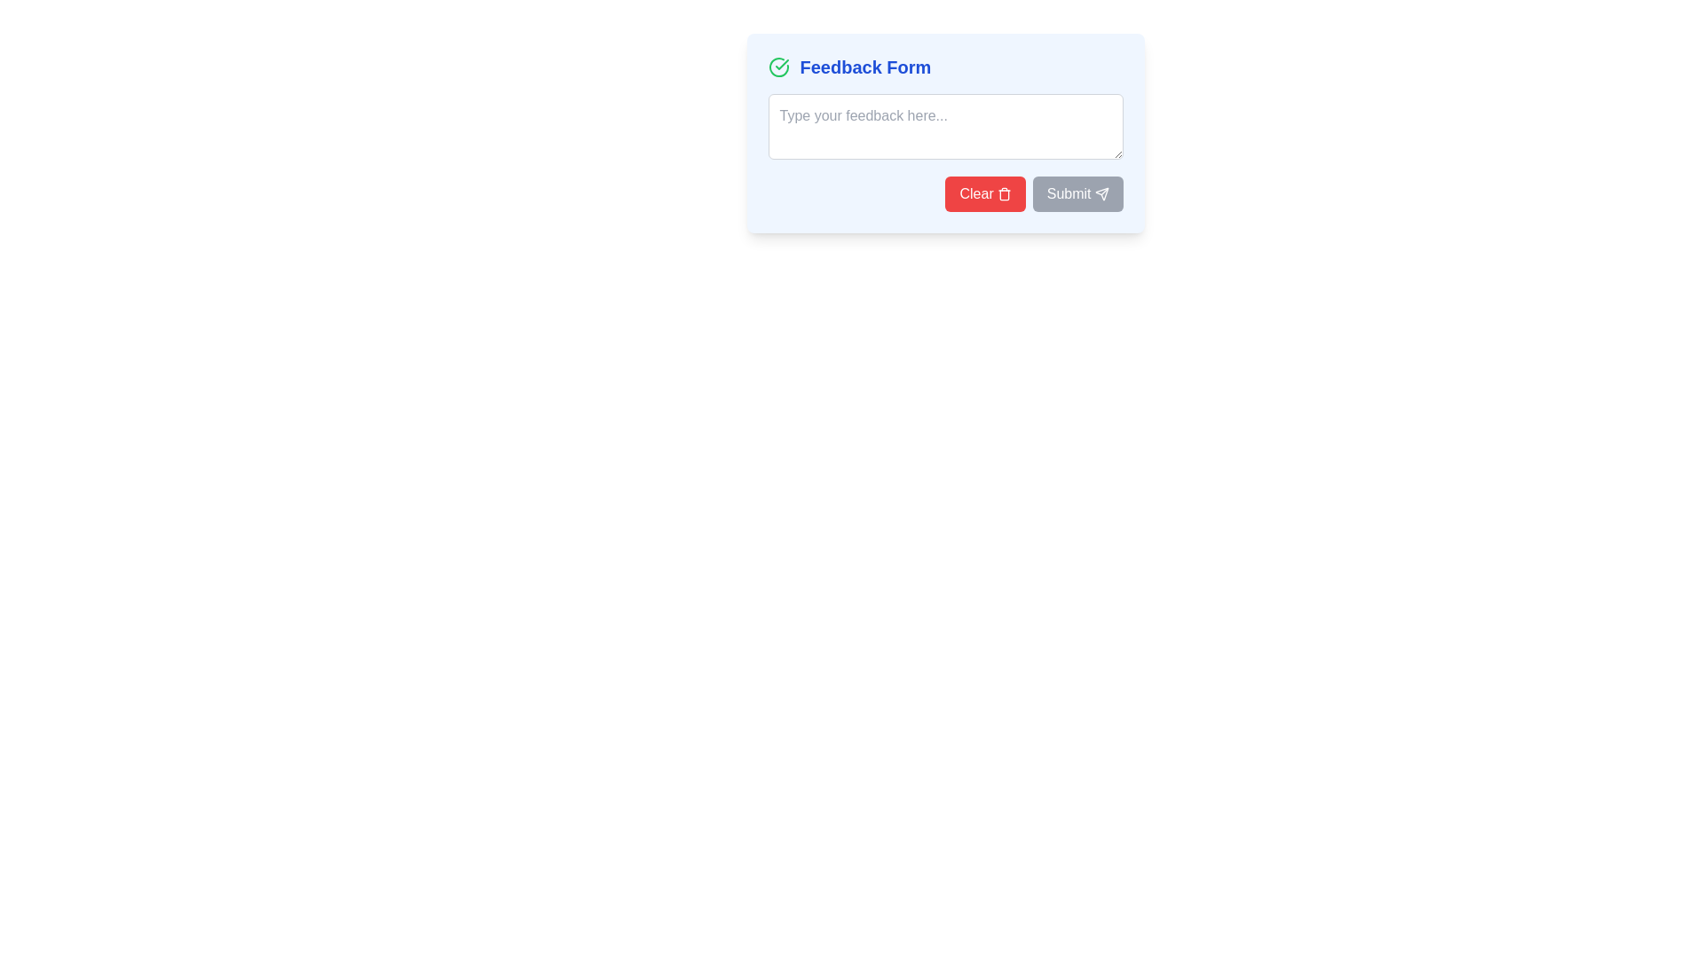 The width and height of the screenshot is (1704, 958). What do you see at coordinates (1077, 194) in the screenshot?
I see `the 'Submit' button, which is a rectangular button with rounded corners, styled in light gray with white text and a small 'send' icon, located at the bottom-right corner of the form's input area` at bounding box center [1077, 194].